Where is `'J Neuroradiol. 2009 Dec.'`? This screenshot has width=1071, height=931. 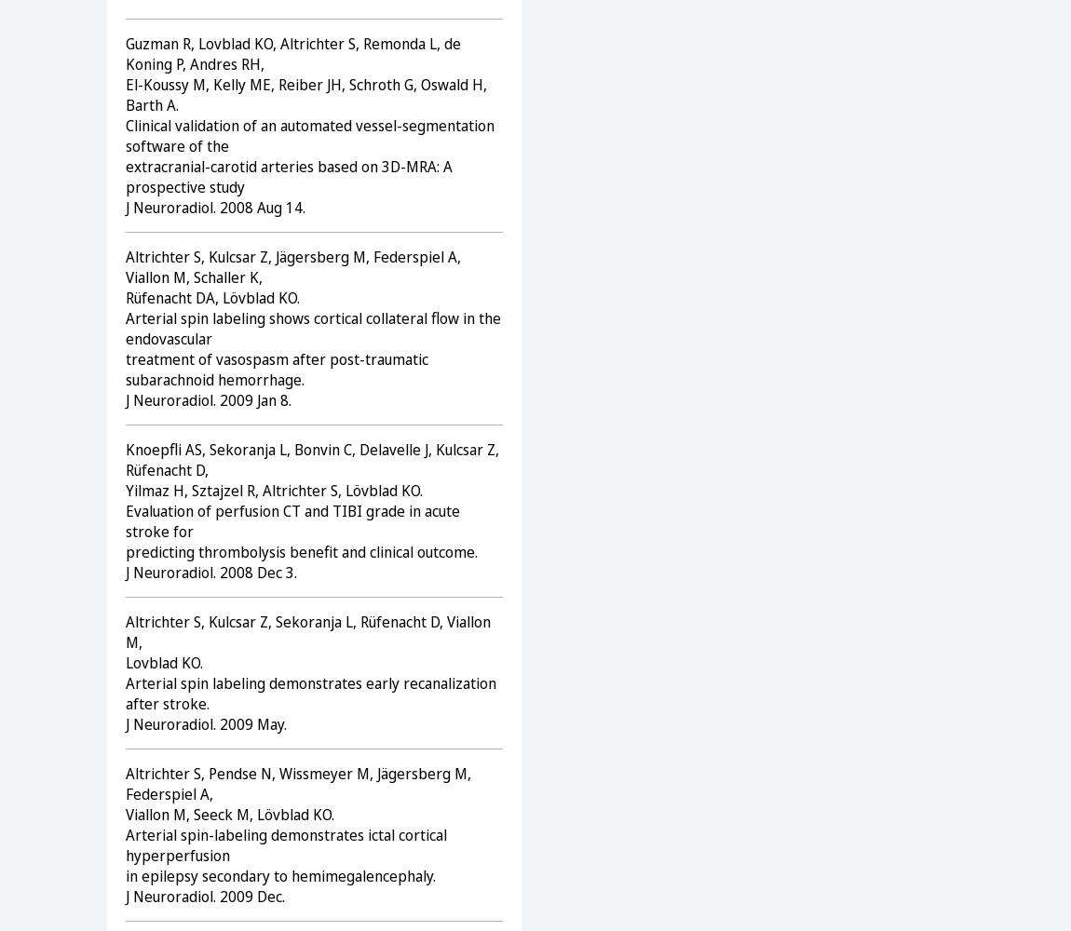 'J Neuroradiol. 2009 Dec.' is located at coordinates (204, 895).